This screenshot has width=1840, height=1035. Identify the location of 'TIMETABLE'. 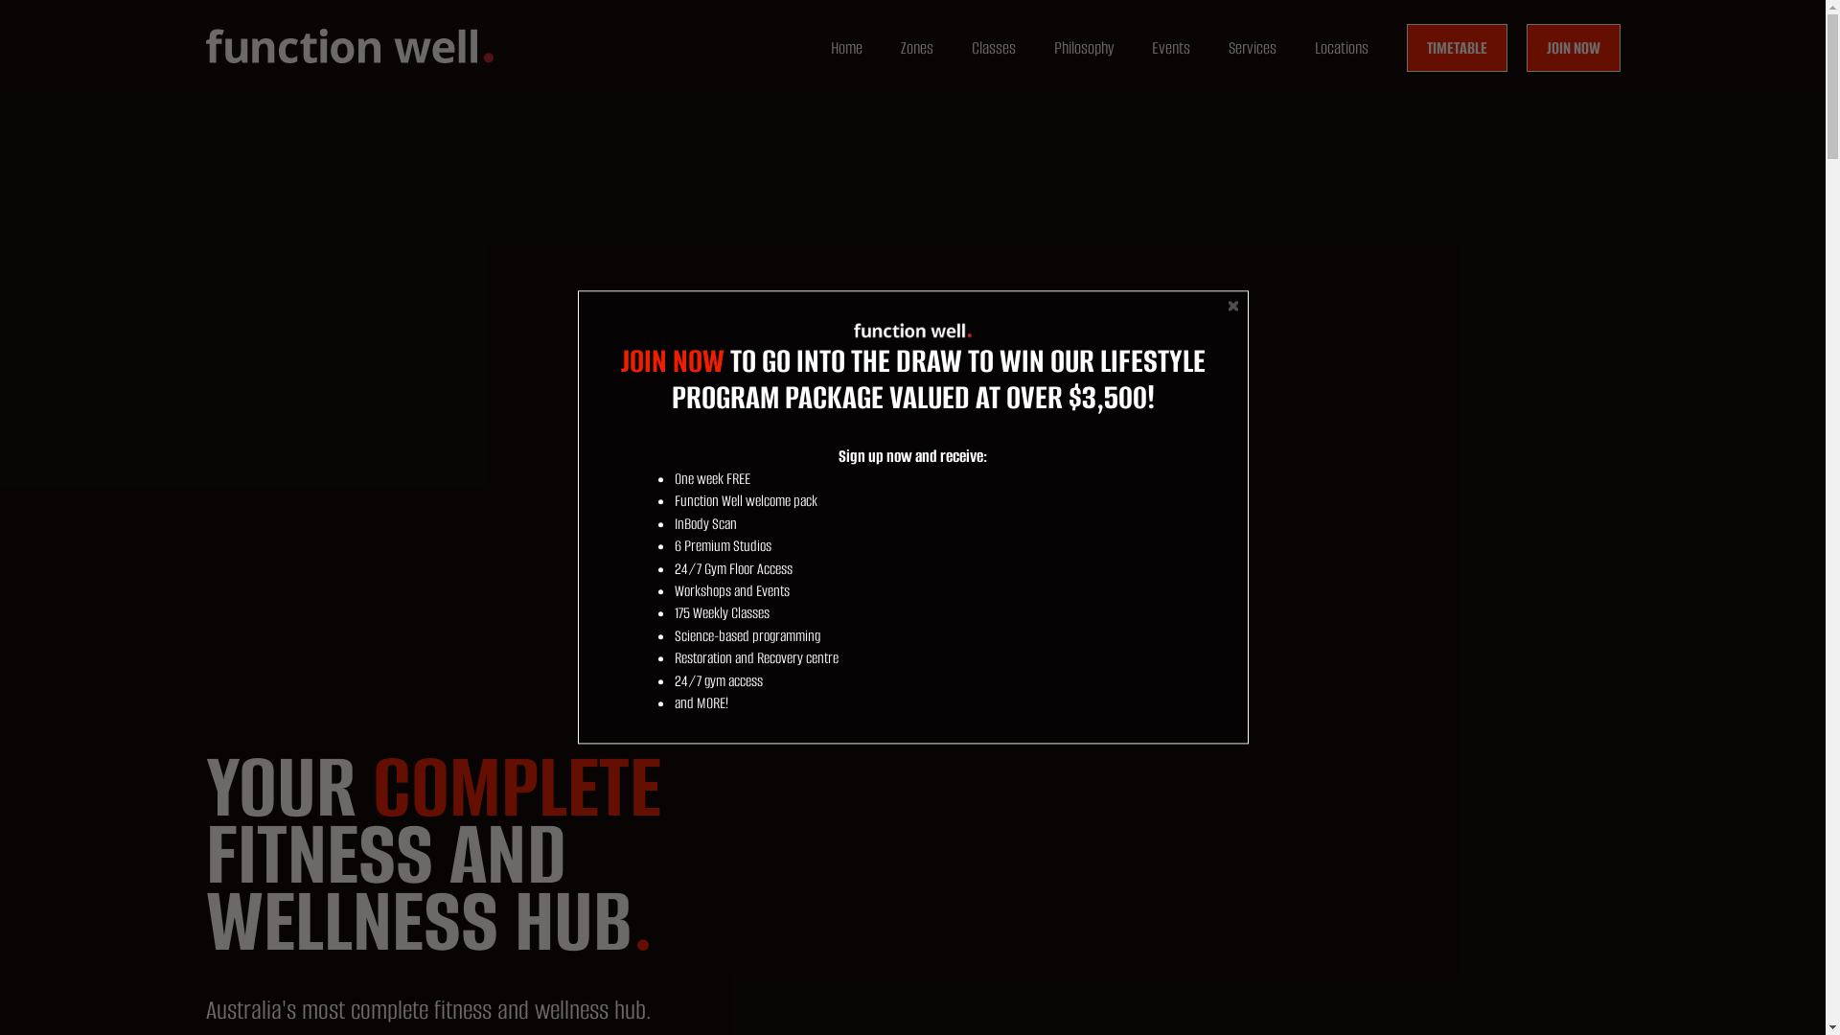
(1407, 47).